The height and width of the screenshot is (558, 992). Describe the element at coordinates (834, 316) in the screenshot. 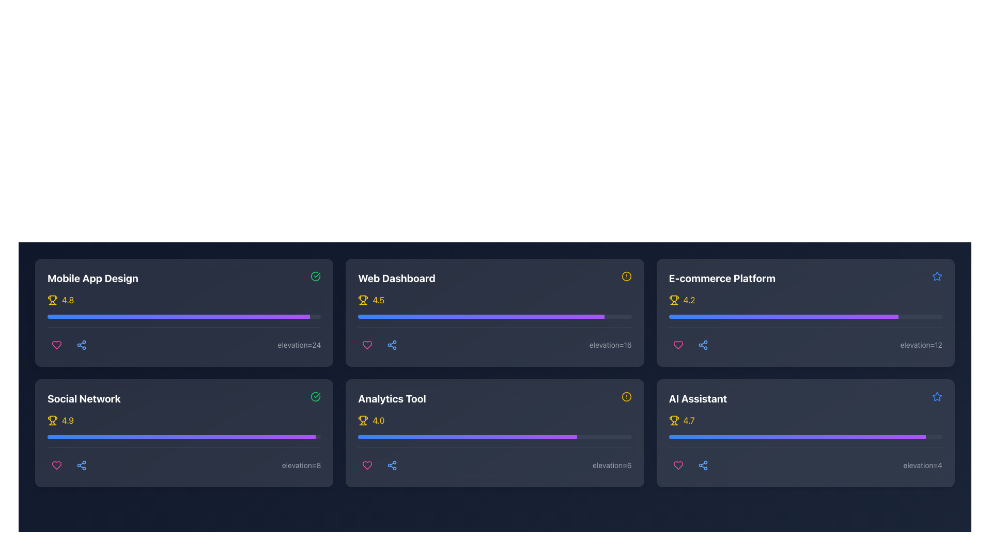

I see `the progress bar value` at that location.